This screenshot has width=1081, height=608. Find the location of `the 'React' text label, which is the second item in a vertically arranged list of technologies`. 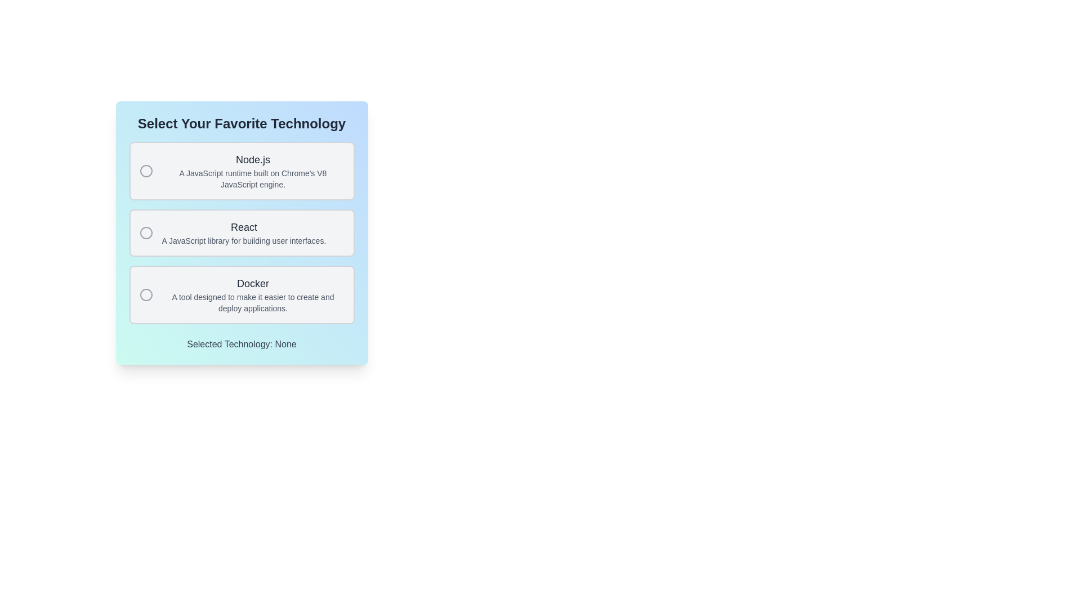

the 'React' text label, which is the second item in a vertically arranged list of technologies is located at coordinates (243, 232).